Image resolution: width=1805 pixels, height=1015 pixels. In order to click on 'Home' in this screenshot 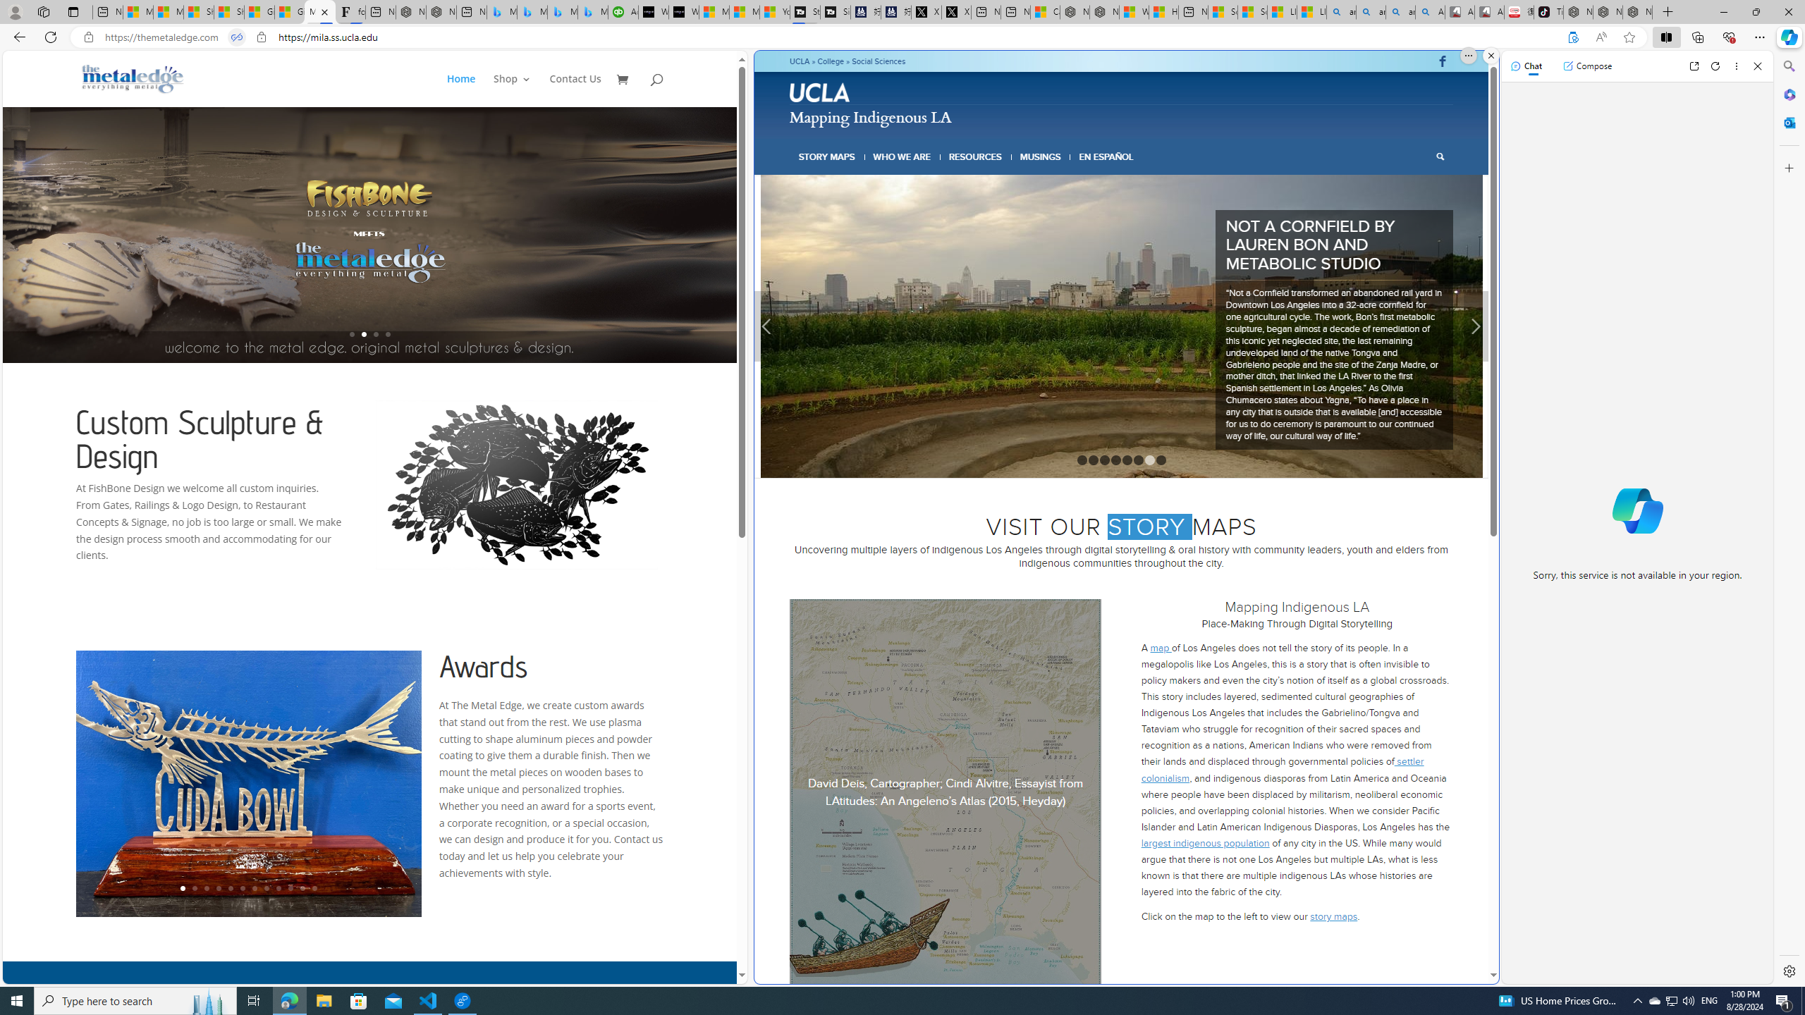, I will do `click(460, 90)`.